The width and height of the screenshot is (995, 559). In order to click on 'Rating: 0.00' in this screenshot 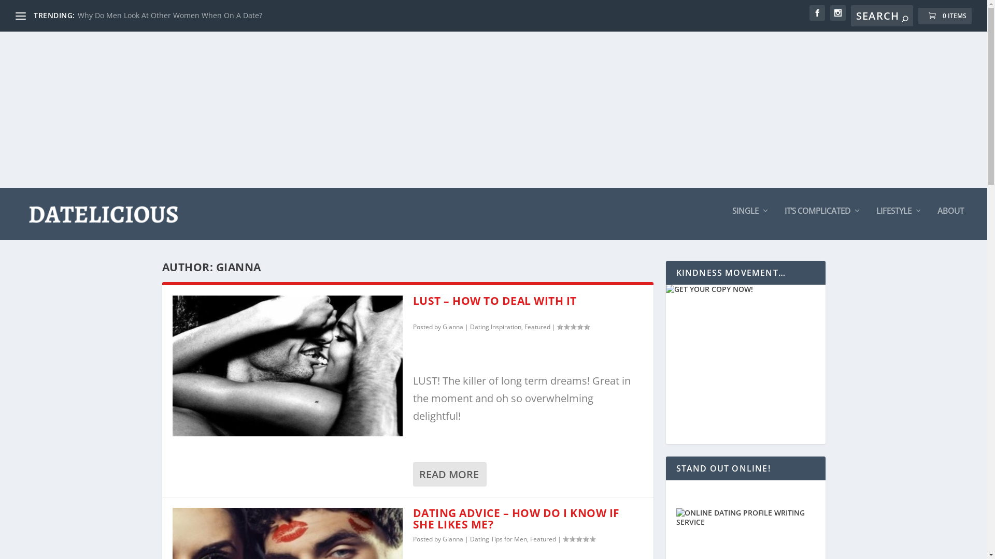, I will do `click(572, 327)`.